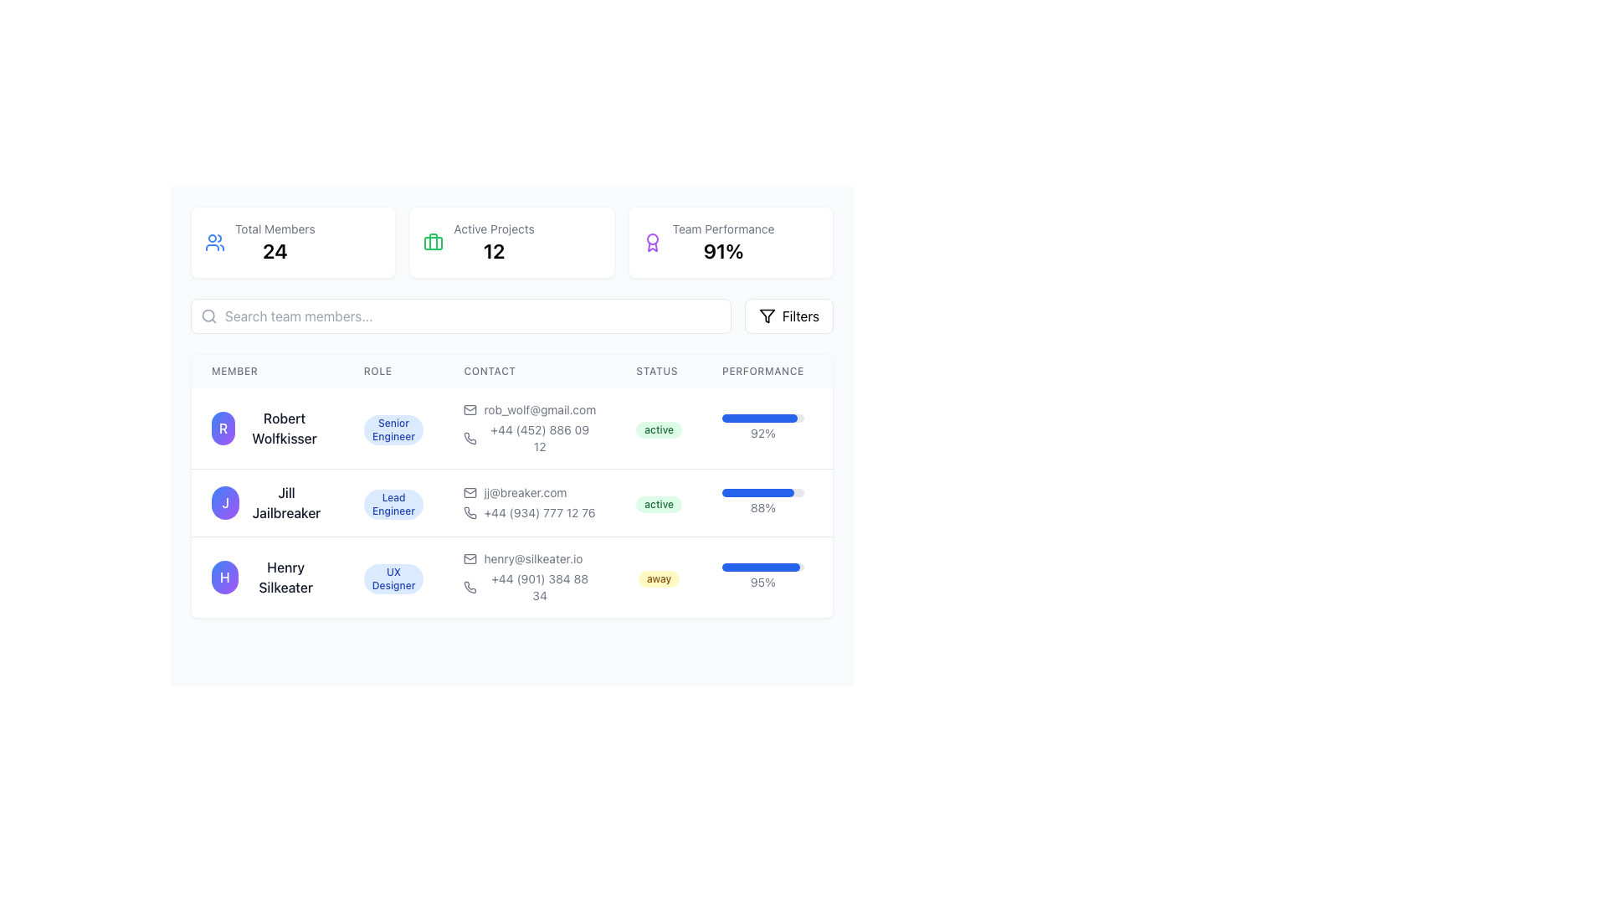 This screenshot has width=1607, height=904. I want to click on the list entry displaying information about Robert Wolfkisser, which includes his avatar, name, role, contact info, status, and performance bar, so click(552, 428).